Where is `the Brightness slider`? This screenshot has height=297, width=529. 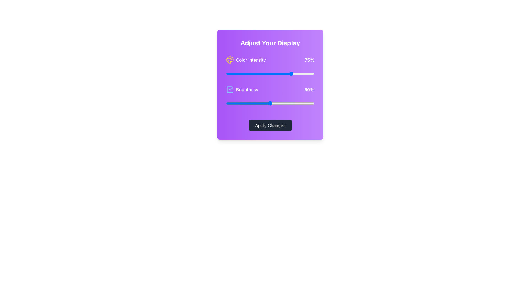
the Brightness slider is located at coordinates (231, 103).